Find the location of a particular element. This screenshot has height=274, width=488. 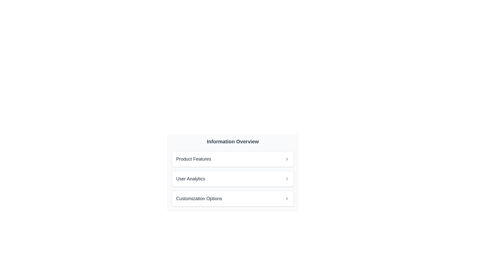

text label 'Product Features' which is the first item in the 'Information Overview' list, styled with bold dark-gray text is located at coordinates (193, 159).